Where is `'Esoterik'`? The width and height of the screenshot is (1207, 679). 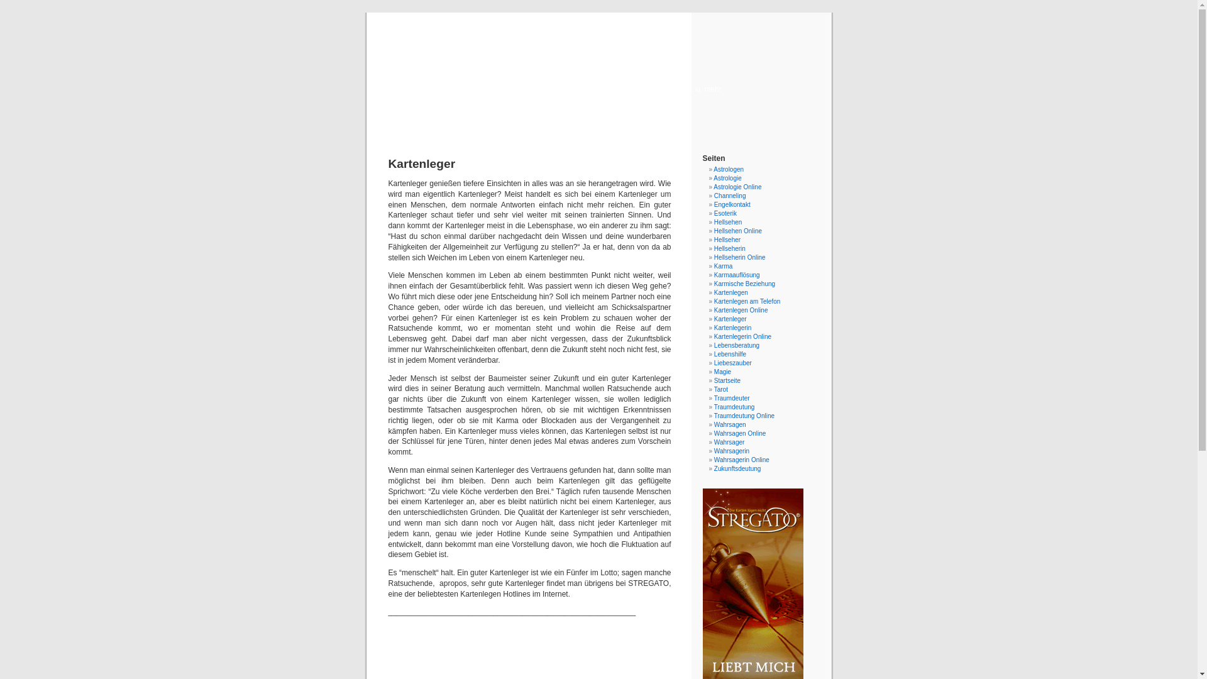 'Esoterik' is located at coordinates (725, 213).